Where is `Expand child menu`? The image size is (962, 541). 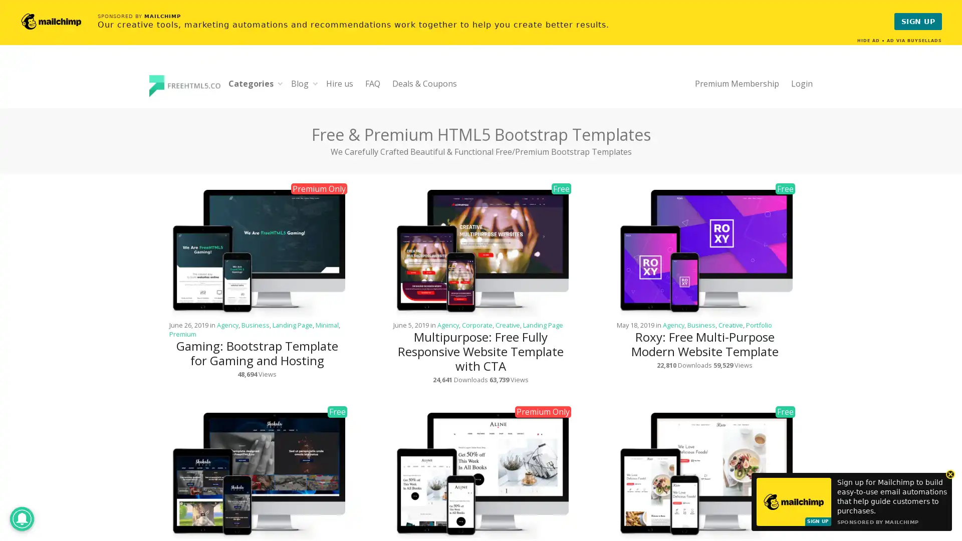 Expand child menu is located at coordinates (280, 83).